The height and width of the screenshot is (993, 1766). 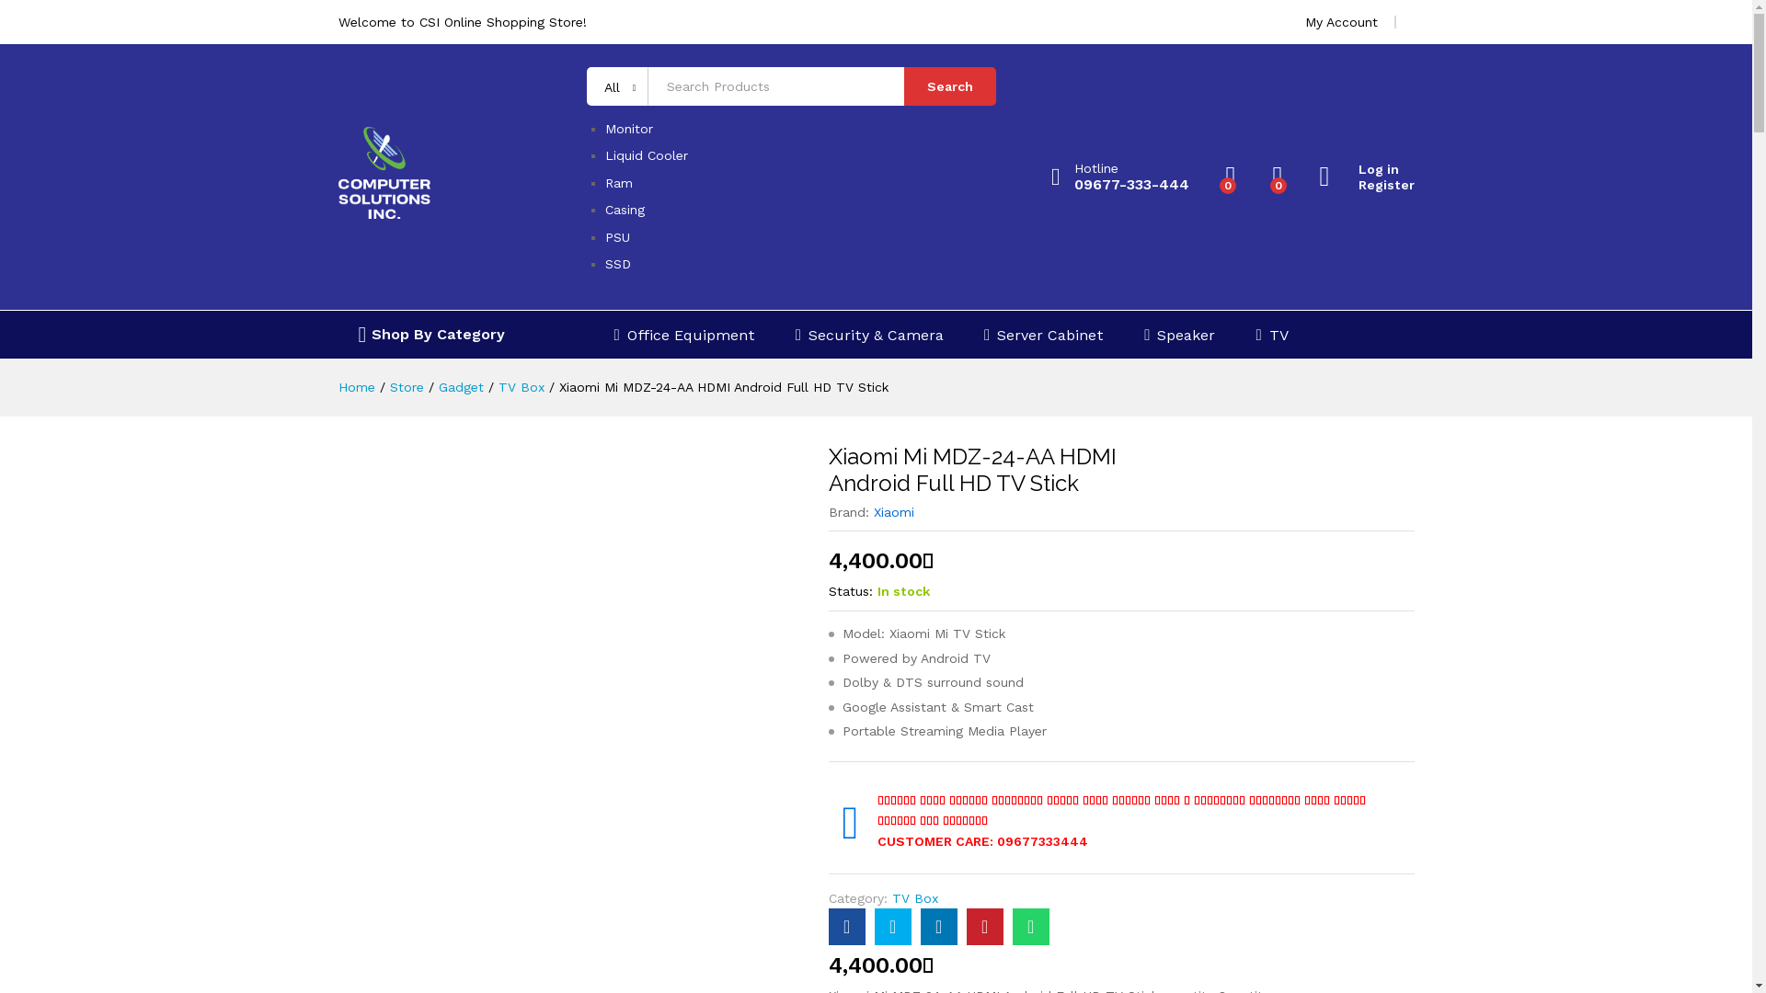 I want to click on 'Security & Camera', so click(x=868, y=335).